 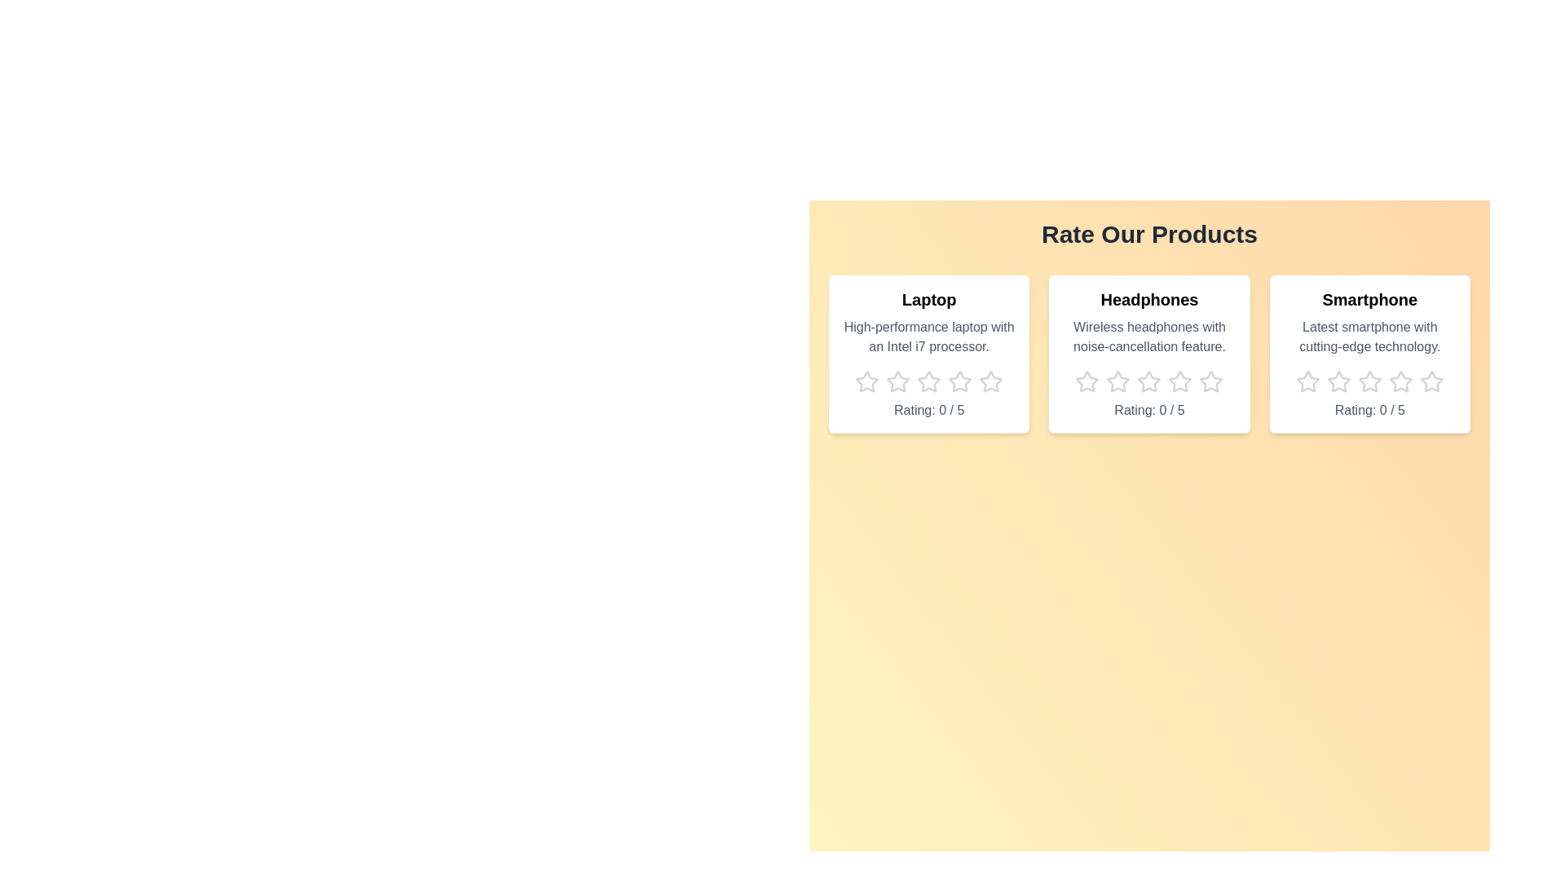 I want to click on the star icon corresponding to 4 stars for the product Smartphone, so click(x=1400, y=382).